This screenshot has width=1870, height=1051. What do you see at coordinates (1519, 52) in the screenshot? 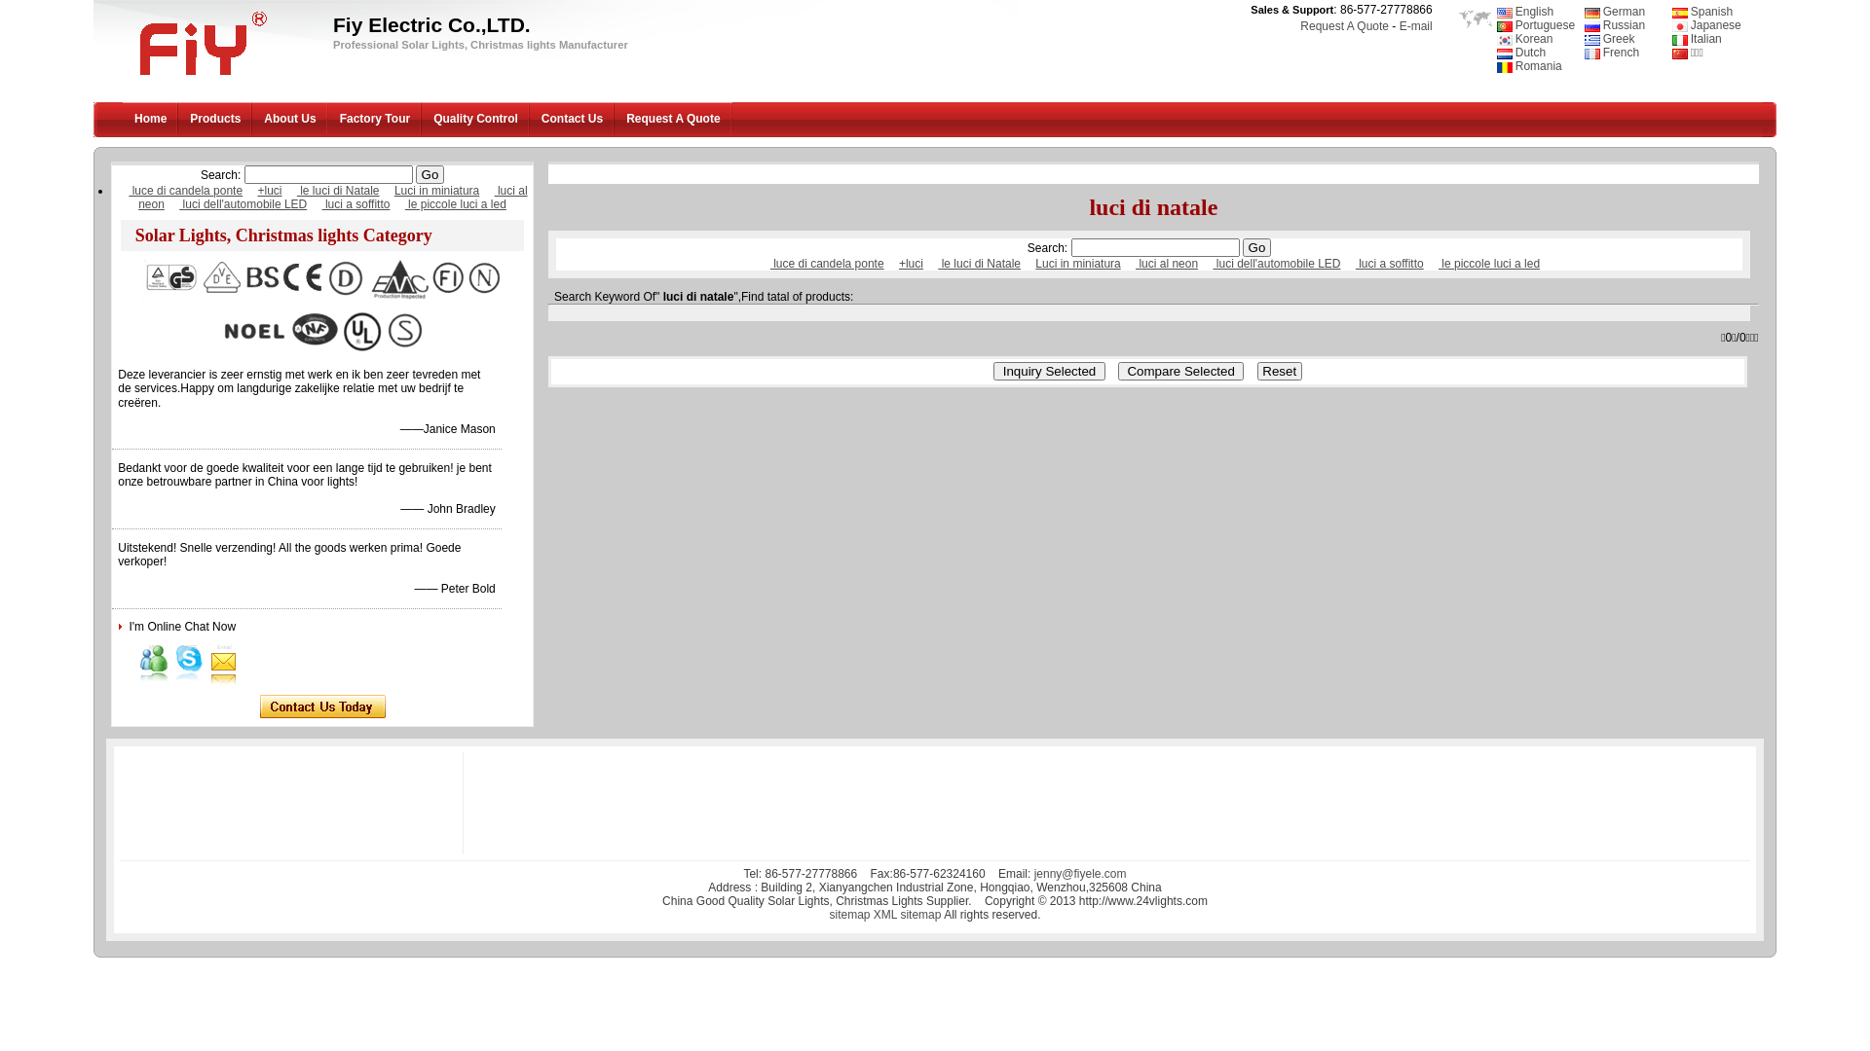
I see `'Dutch'` at bounding box center [1519, 52].